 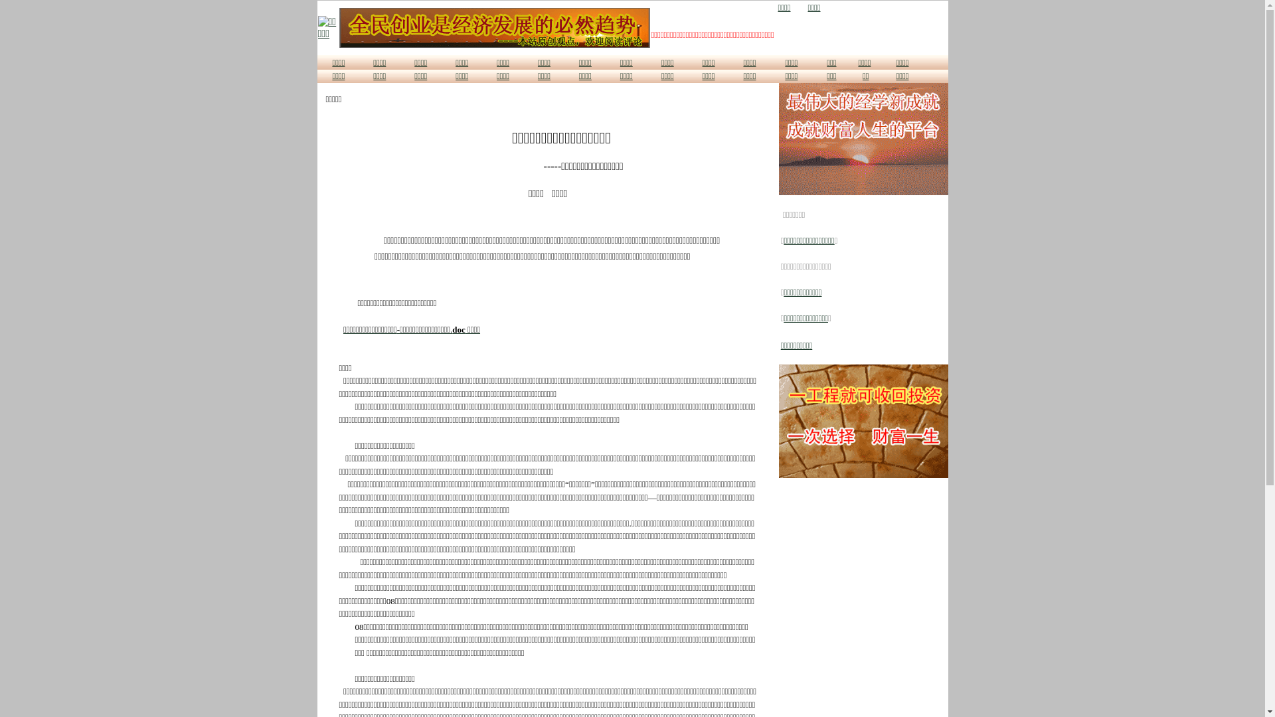 I want to click on '      ', so click(x=797, y=7).